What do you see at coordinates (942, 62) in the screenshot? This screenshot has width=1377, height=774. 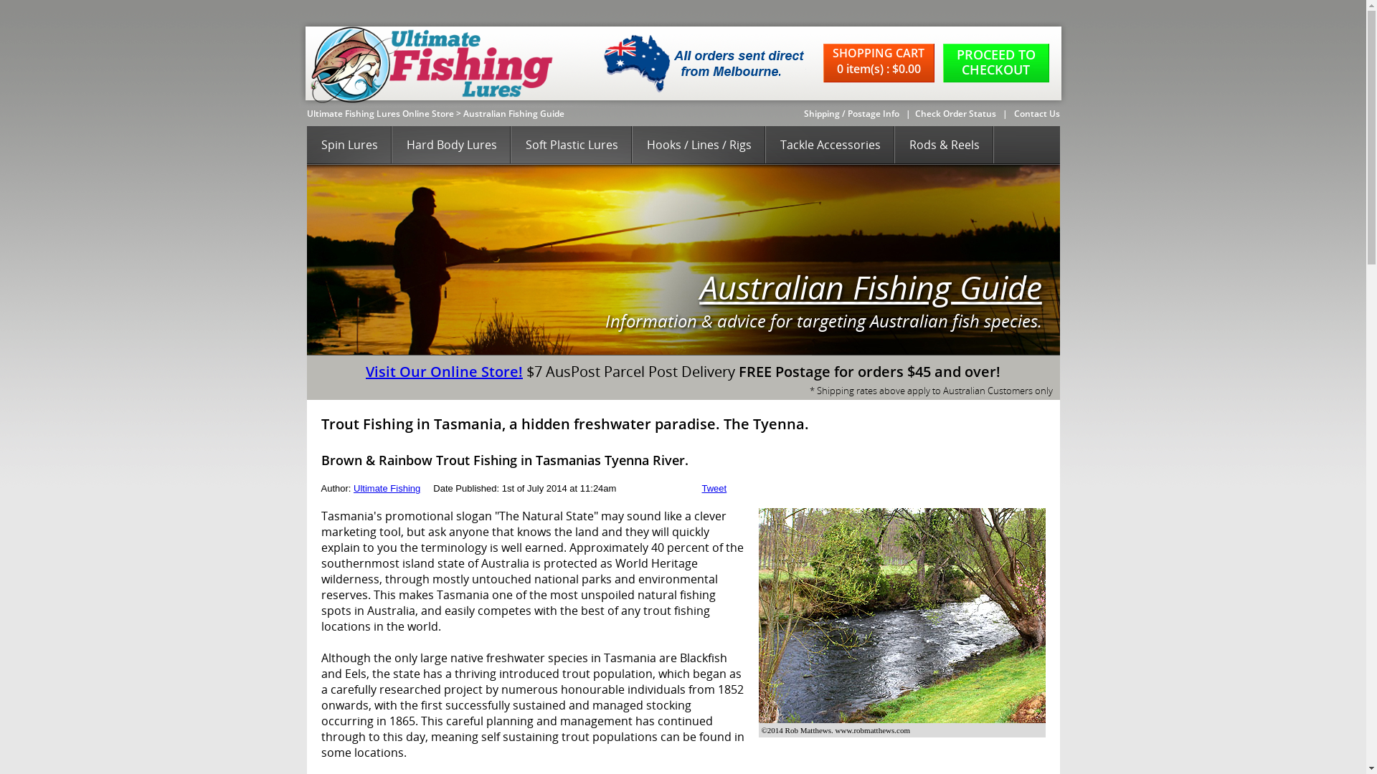 I see `'PROCEED TO CHECKOUT'` at bounding box center [942, 62].